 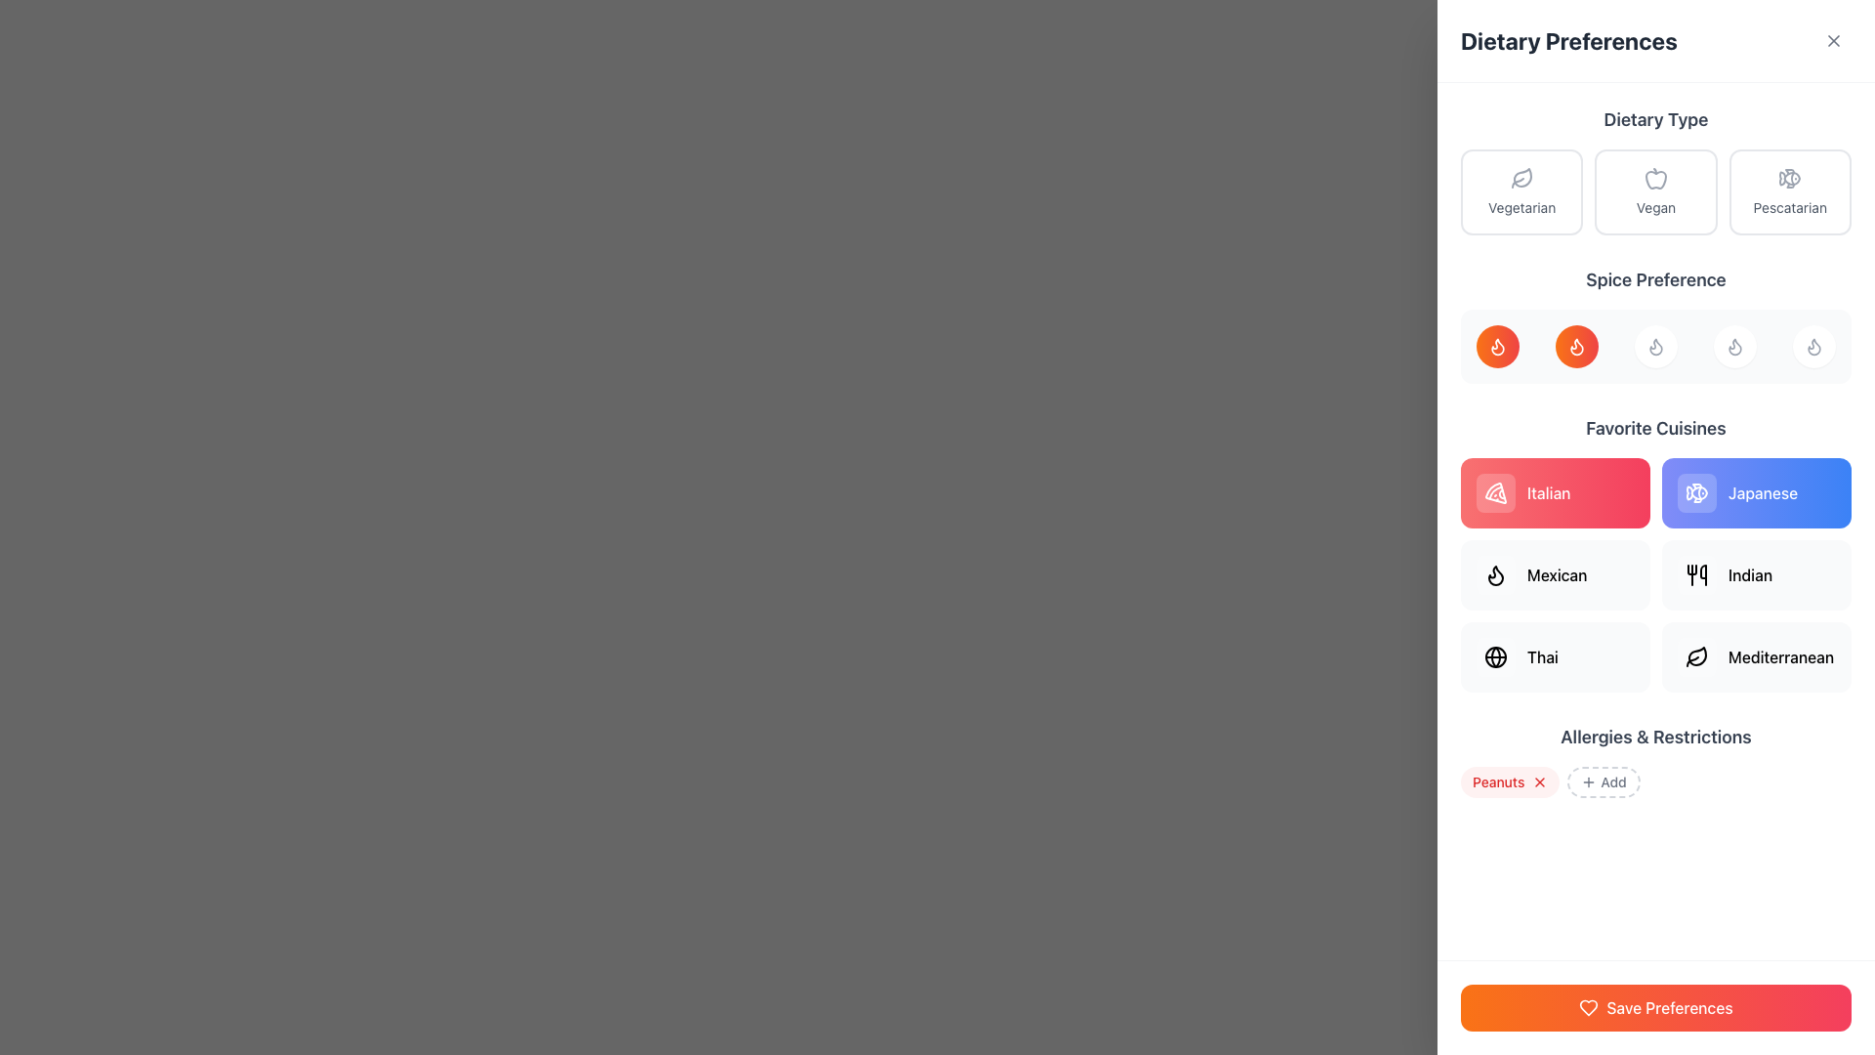 I want to click on the vibrant flame icon styled with a gradient effect from orange to red in the 'Dietary Preferences' panel under the 'Spice Preference' section, so click(x=1497, y=345).